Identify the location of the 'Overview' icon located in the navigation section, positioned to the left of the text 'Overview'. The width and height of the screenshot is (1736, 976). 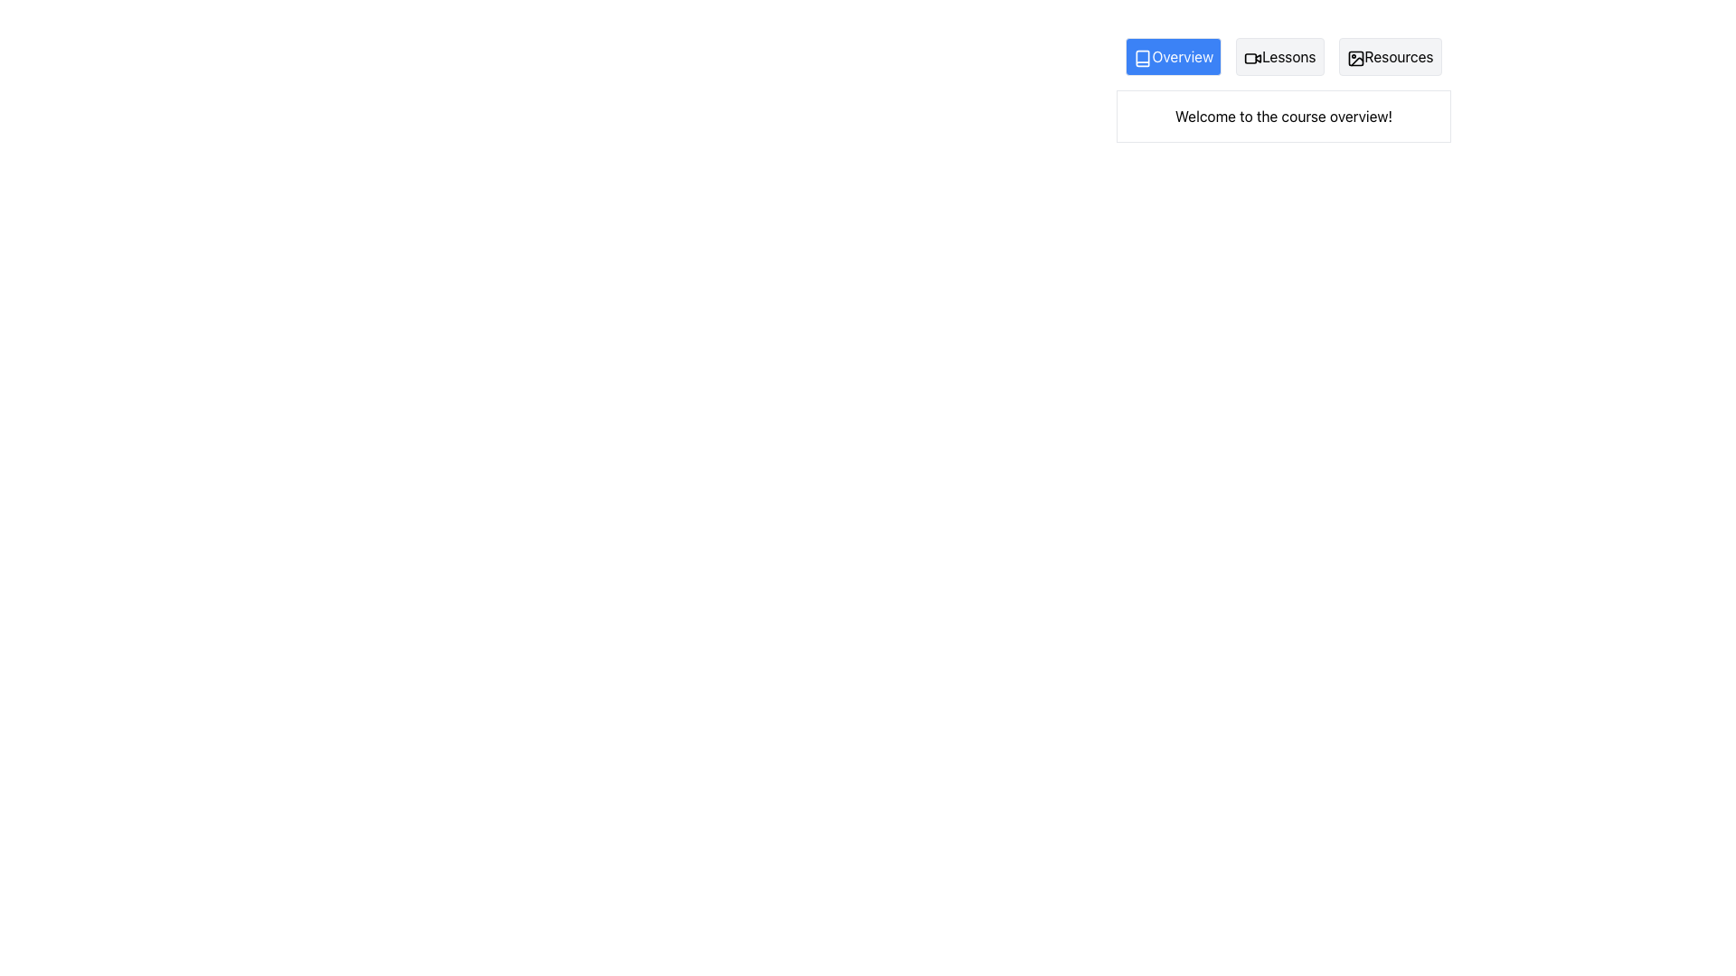
(1142, 57).